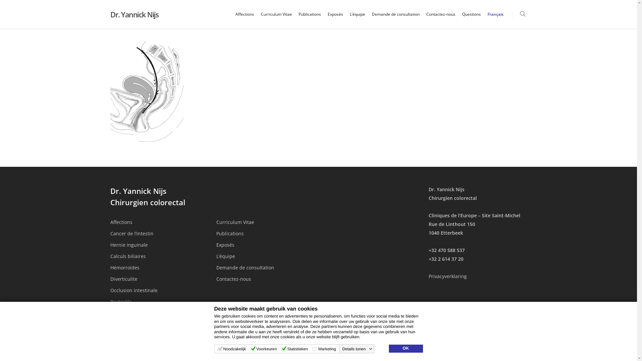 The width and height of the screenshot is (642, 361). Describe the element at coordinates (448, 276) in the screenshot. I see `'Privacyverklaring'` at that location.